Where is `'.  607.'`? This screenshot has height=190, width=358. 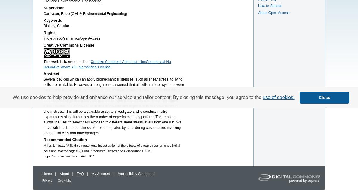 '.  607.' is located at coordinates (146, 150).